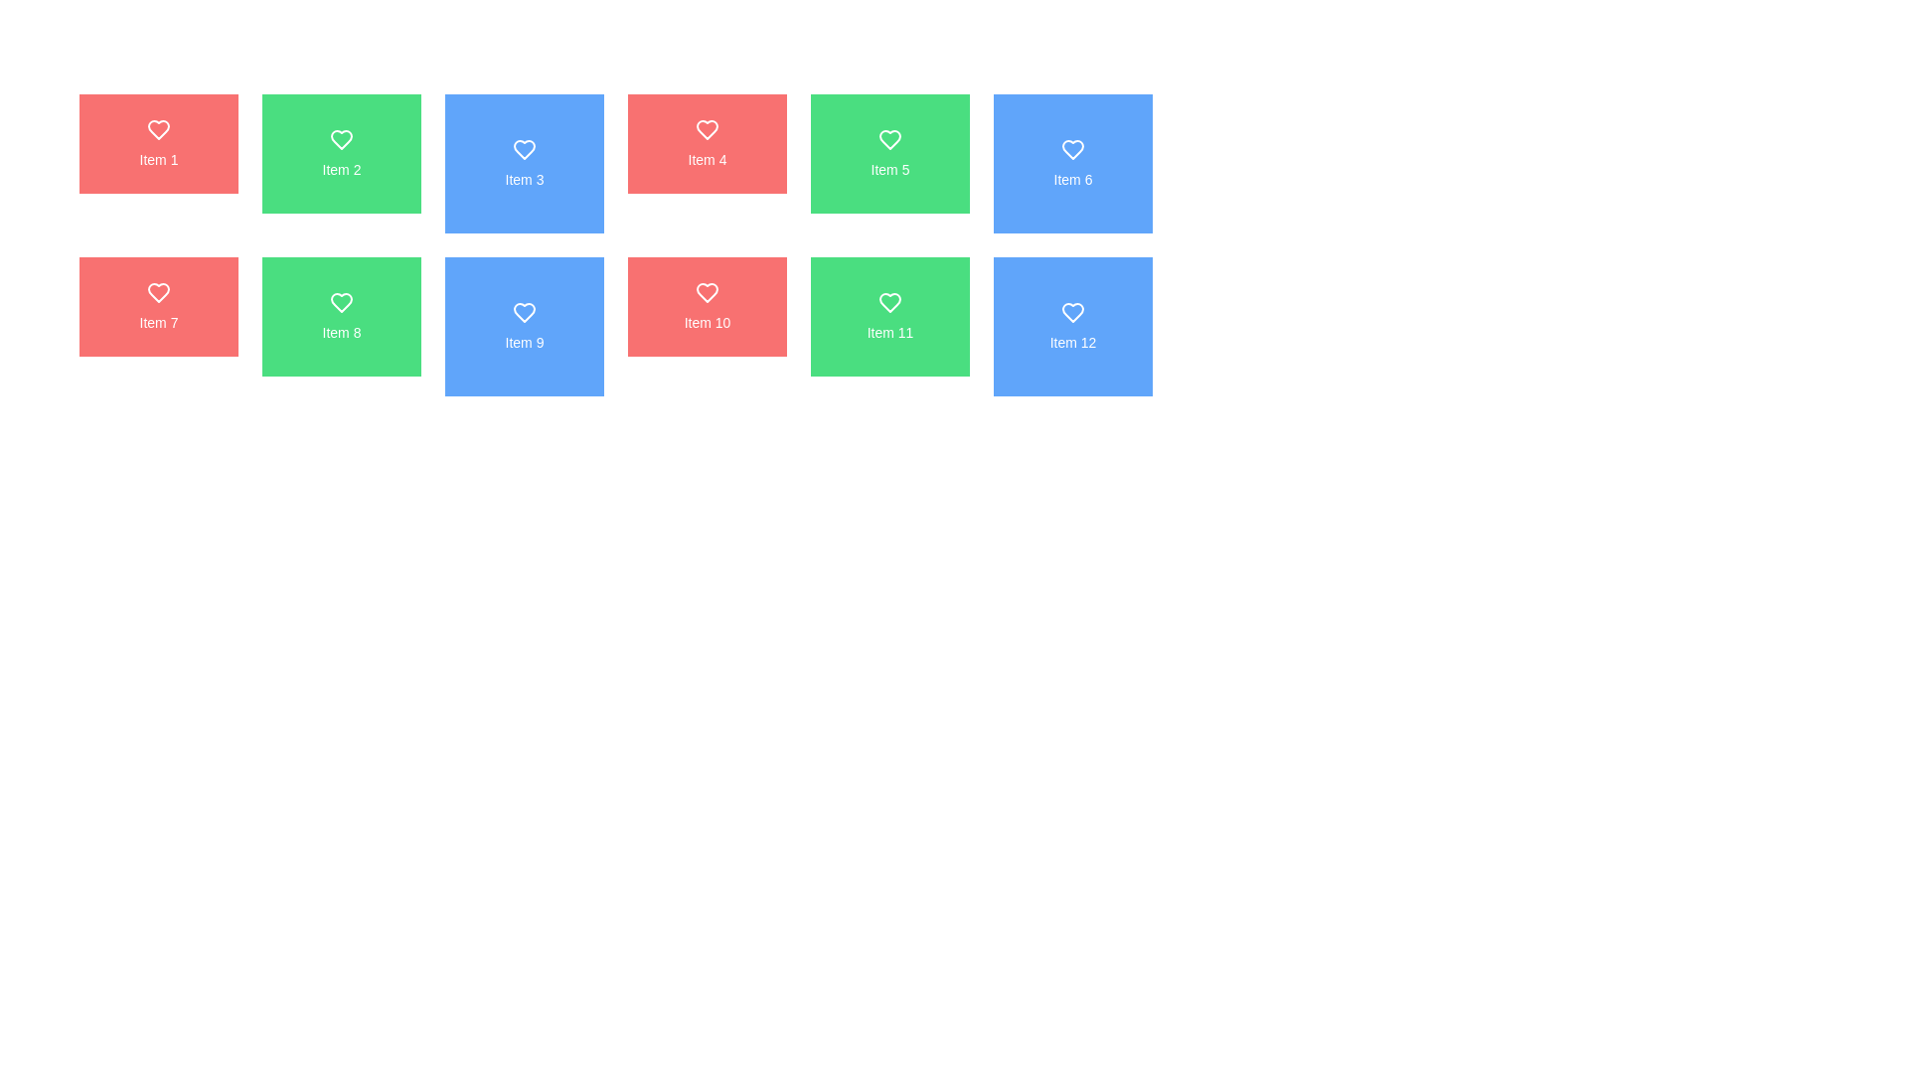 Image resolution: width=1908 pixels, height=1073 pixels. Describe the element at coordinates (1072, 163) in the screenshot. I see `the sixth item in the grid, which is a clickable box located in the first row and last column` at that location.